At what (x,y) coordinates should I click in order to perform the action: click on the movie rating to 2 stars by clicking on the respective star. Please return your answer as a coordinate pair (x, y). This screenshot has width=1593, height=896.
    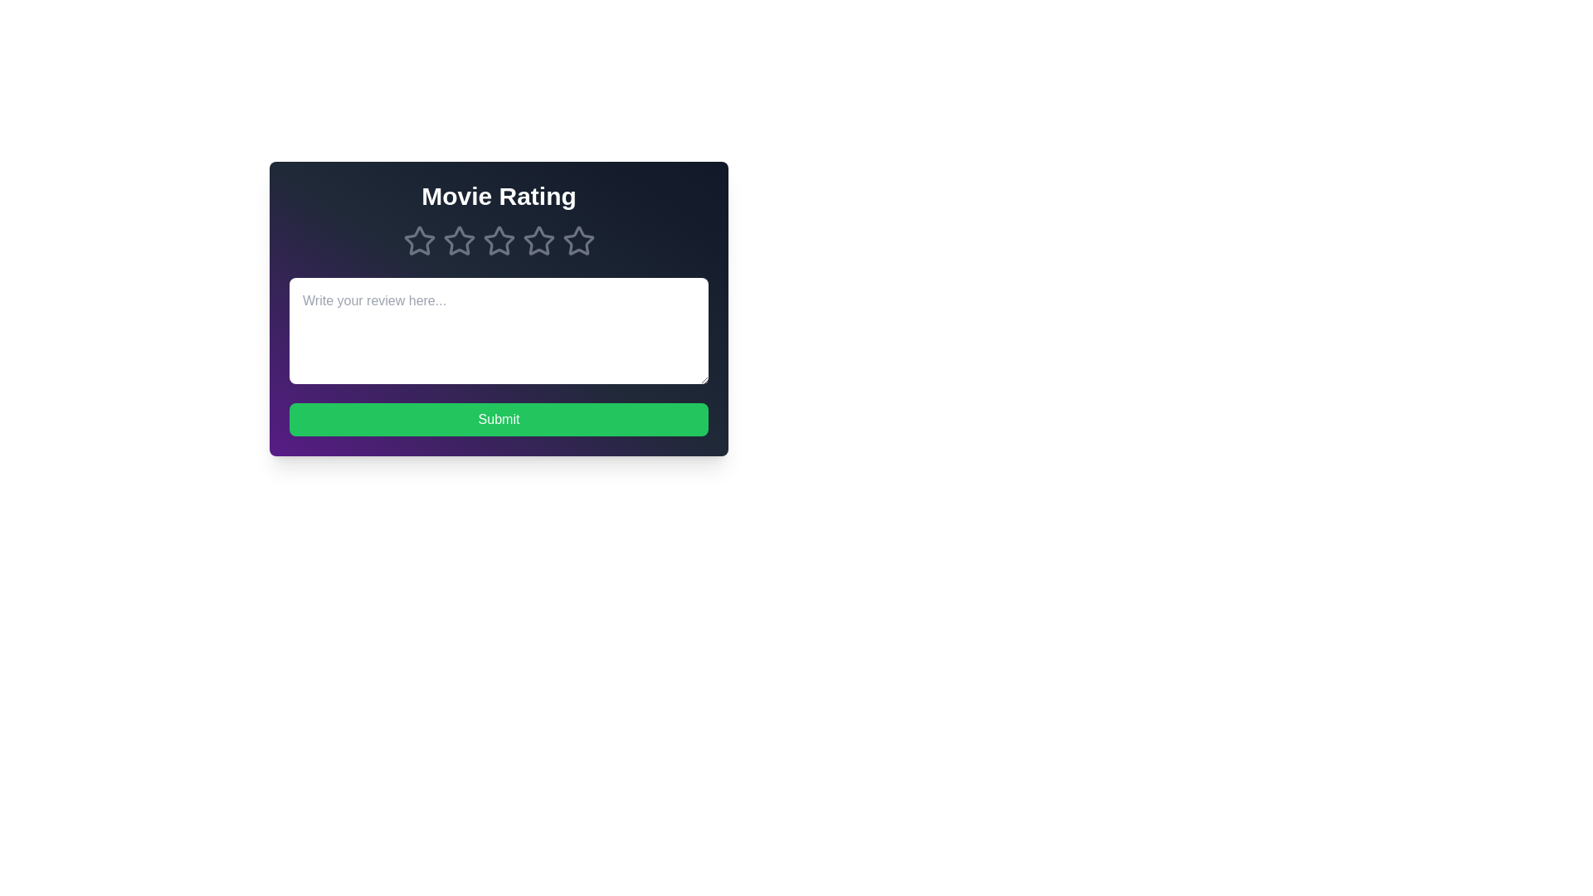
    Looking at the image, I should click on (459, 241).